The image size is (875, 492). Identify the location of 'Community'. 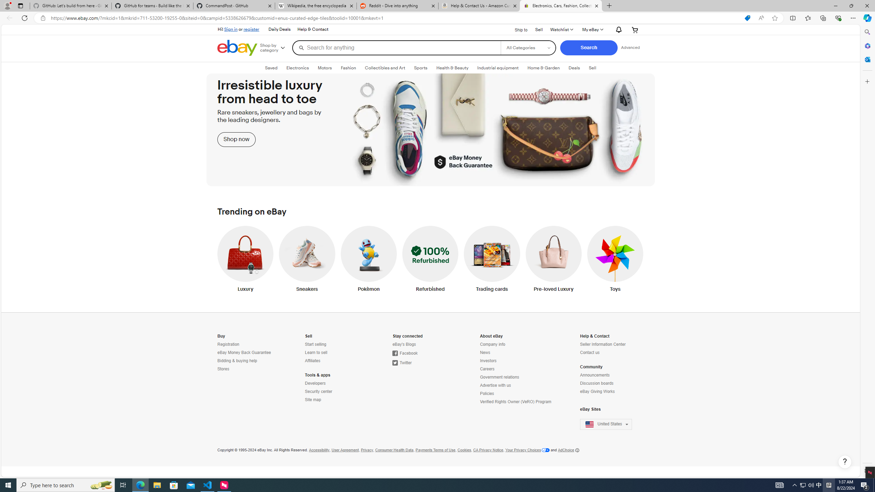
(591, 367).